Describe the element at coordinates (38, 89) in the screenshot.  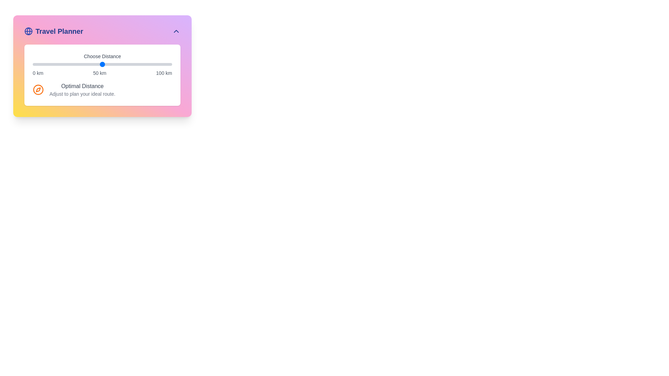
I see `the distinct orange circular shape within the compass icon located in the 'Optimal Distance' section of the 'Travel Planner' card` at that location.